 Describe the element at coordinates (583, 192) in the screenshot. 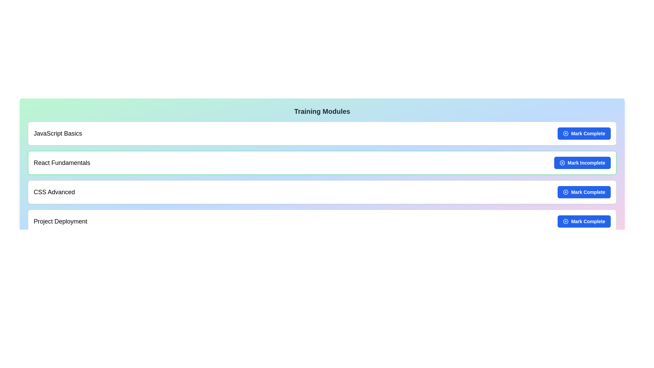

I see `the 'Mark Complete' button with a blue background and white text, located to the right of the 'CSS Advanced' label, to mark the module as complete` at that location.